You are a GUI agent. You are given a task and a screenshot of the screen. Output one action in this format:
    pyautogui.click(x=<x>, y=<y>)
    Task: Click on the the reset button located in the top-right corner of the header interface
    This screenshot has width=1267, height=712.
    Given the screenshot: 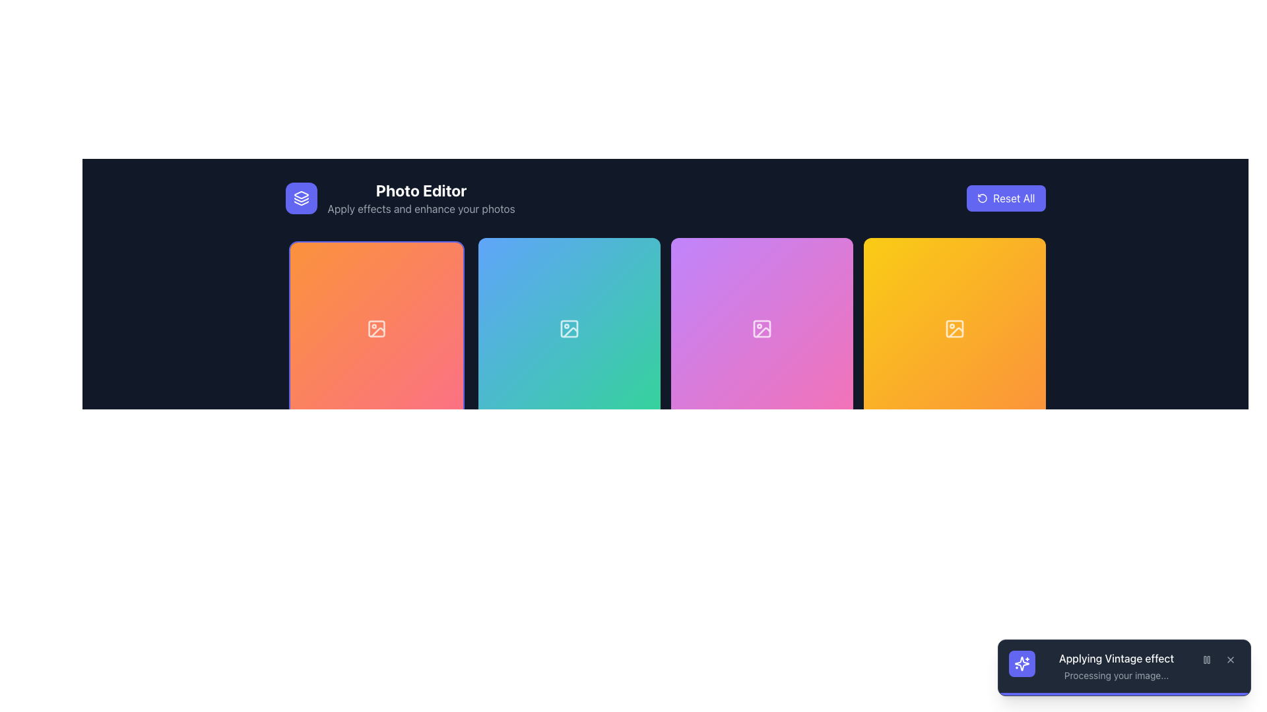 What is the action you would take?
    pyautogui.click(x=1005, y=198)
    